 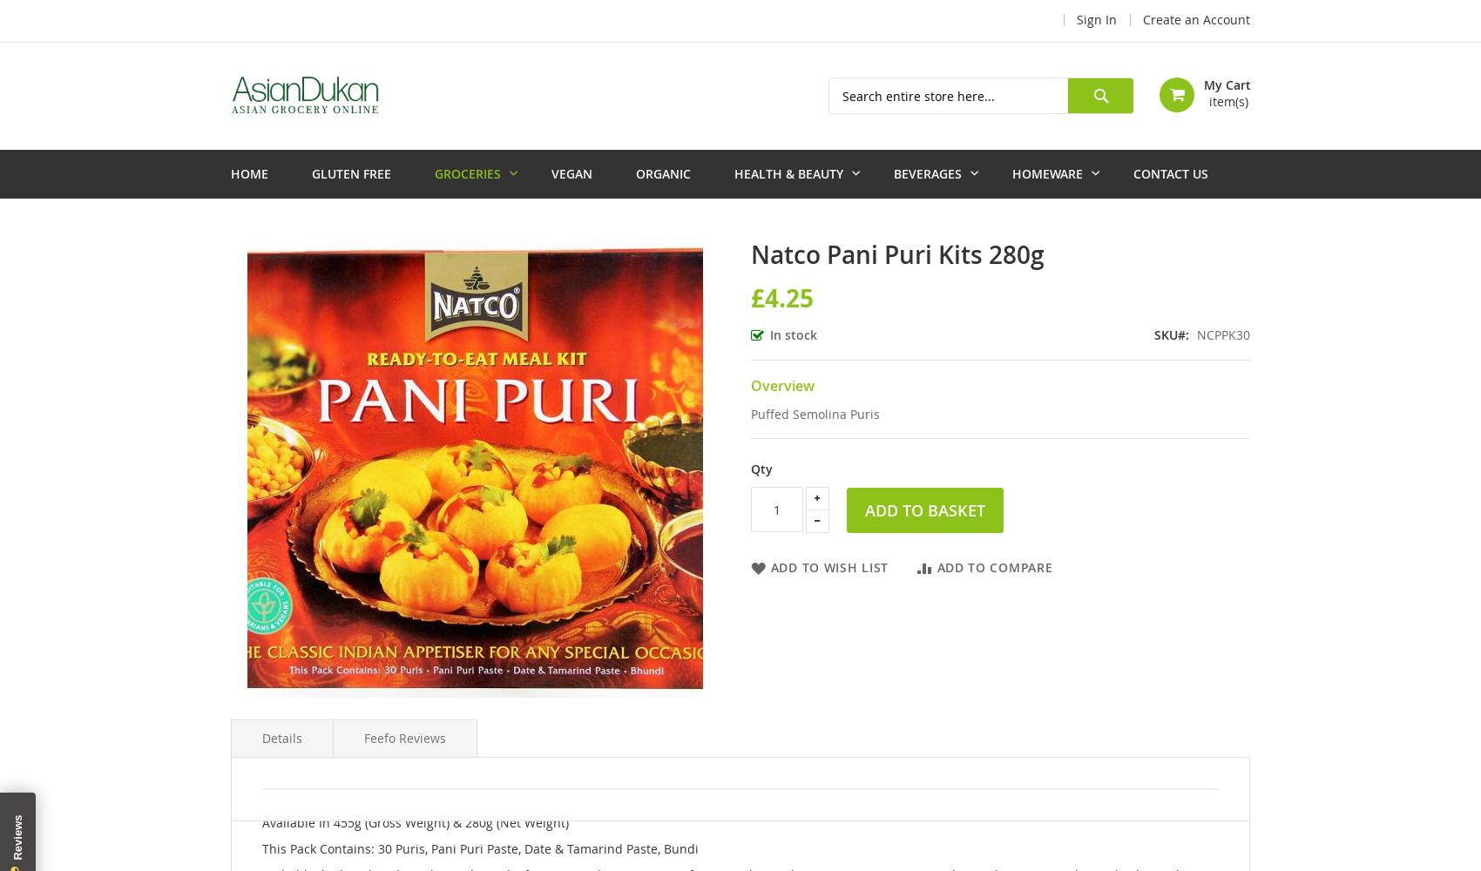 I want to click on '£4.25', so click(x=781, y=296).